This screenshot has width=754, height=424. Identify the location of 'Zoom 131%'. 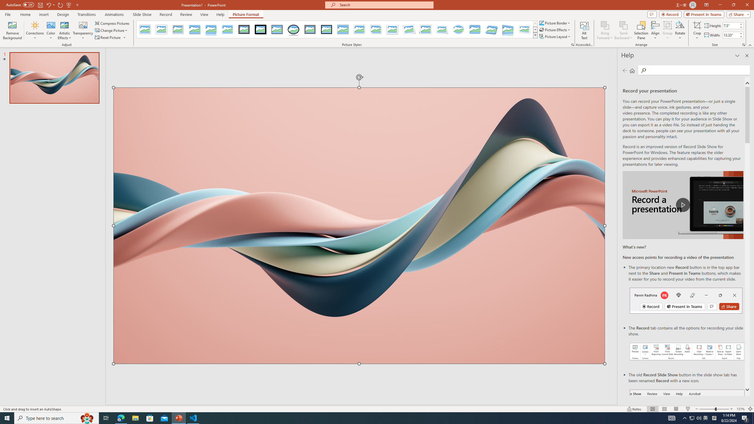
(741, 409).